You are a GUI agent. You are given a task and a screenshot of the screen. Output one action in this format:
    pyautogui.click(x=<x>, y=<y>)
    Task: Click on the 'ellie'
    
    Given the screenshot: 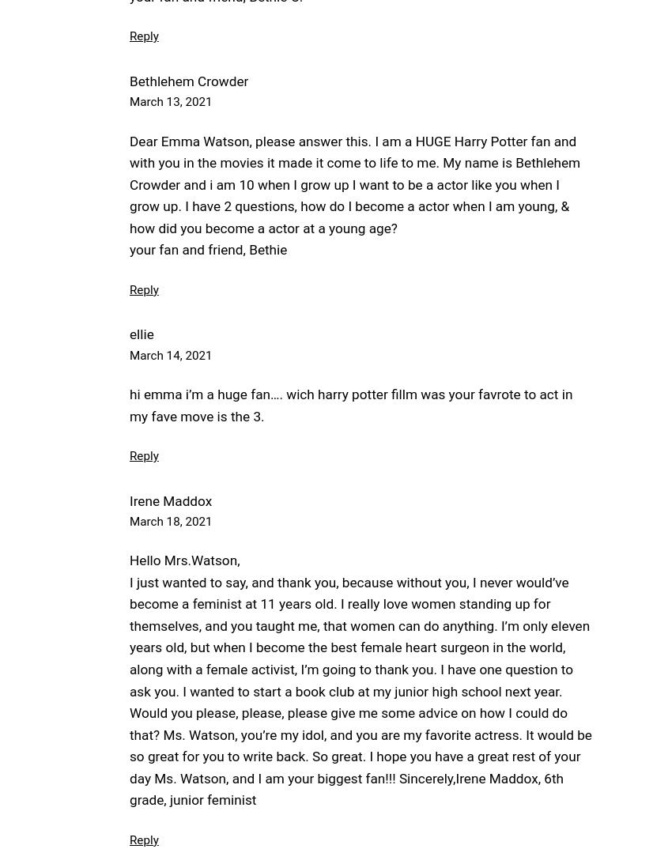 What is the action you would take?
    pyautogui.click(x=141, y=334)
    